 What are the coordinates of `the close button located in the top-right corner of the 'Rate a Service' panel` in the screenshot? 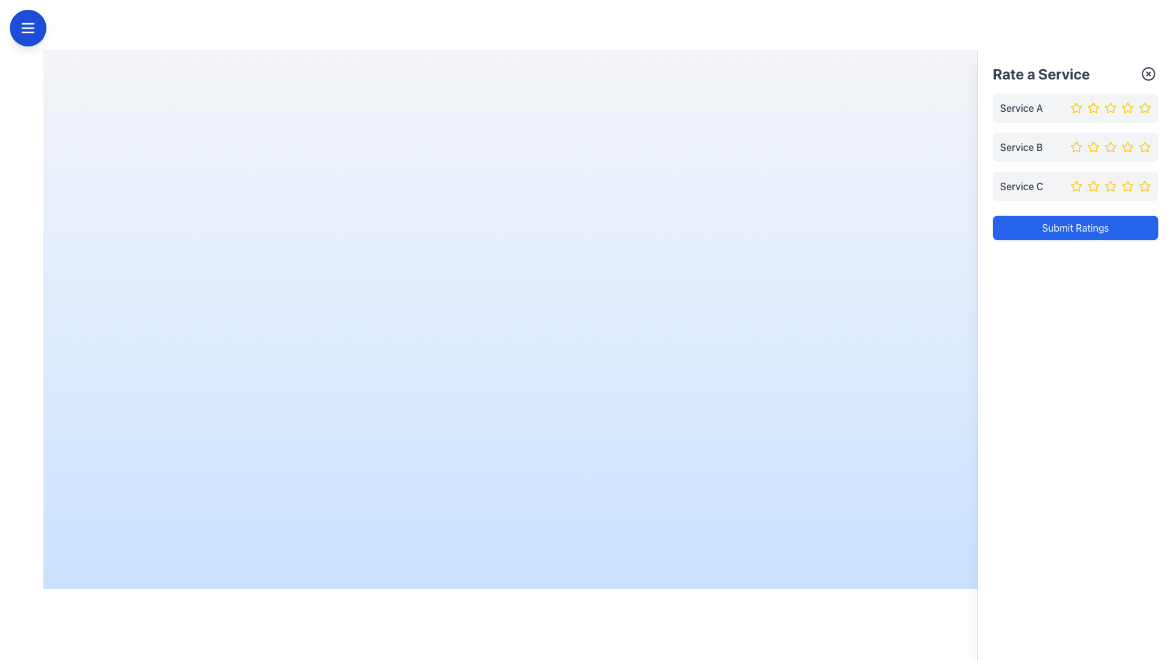 It's located at (1148, 73).